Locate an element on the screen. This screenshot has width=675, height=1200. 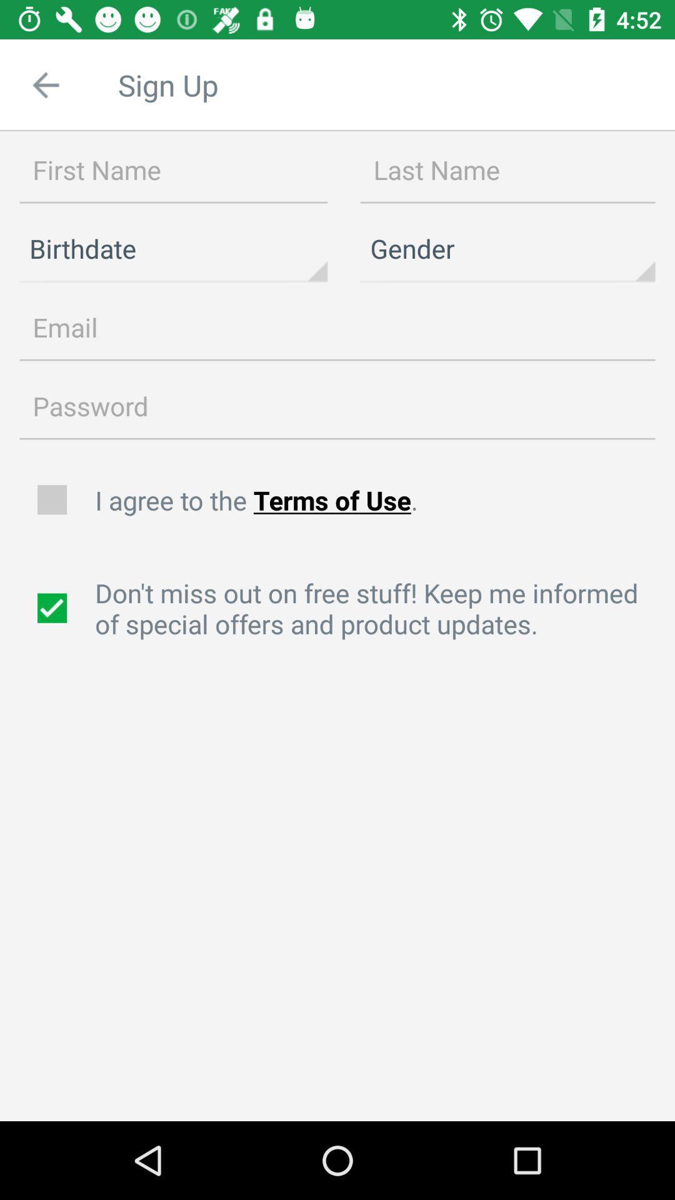
the gender icon is located at coordinates (507, 249).